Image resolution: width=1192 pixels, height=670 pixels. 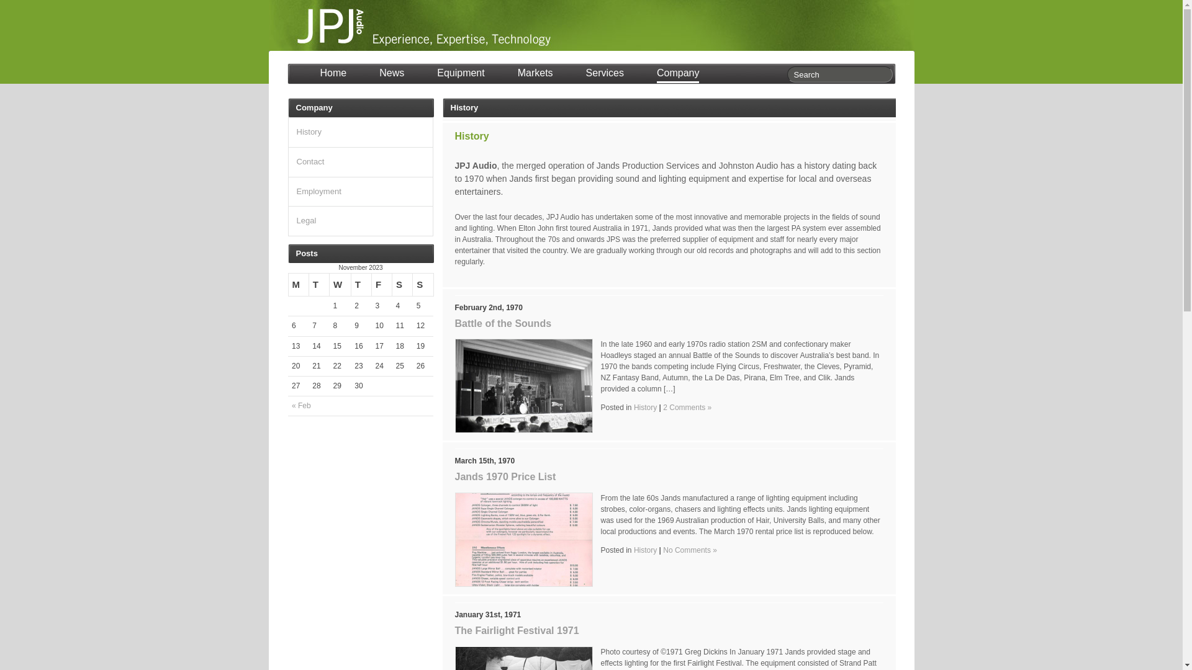 I want to click on 'Services', so click(x=605, y=74).